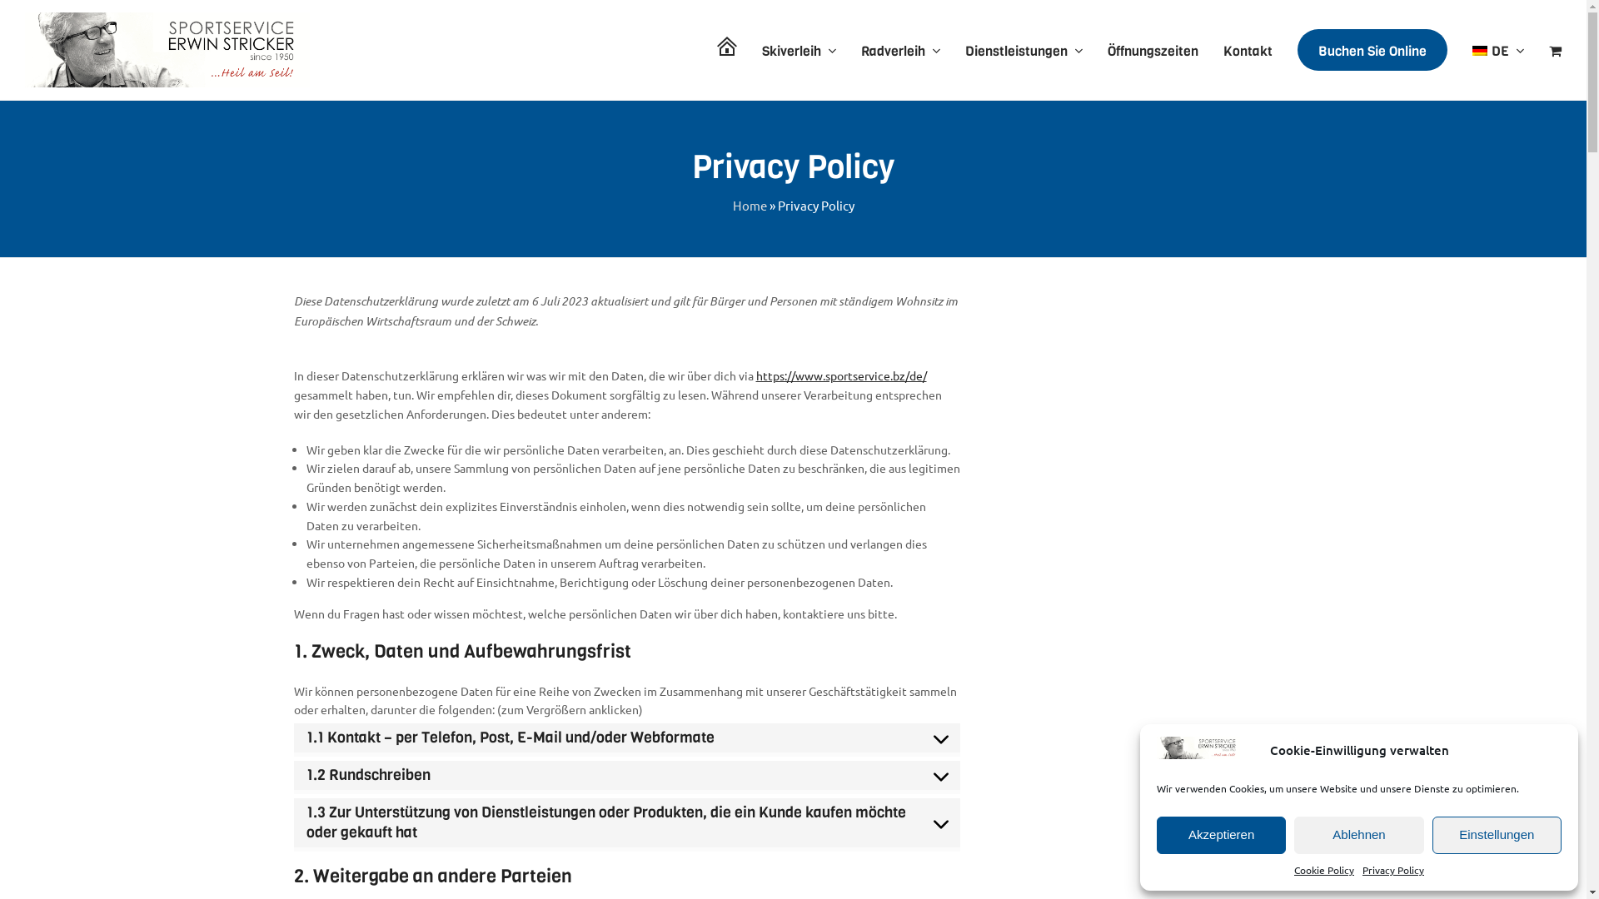 This screenshot has height=899, width=1599. I want to click on 'Dienstleistungen', so click(1023, 49).